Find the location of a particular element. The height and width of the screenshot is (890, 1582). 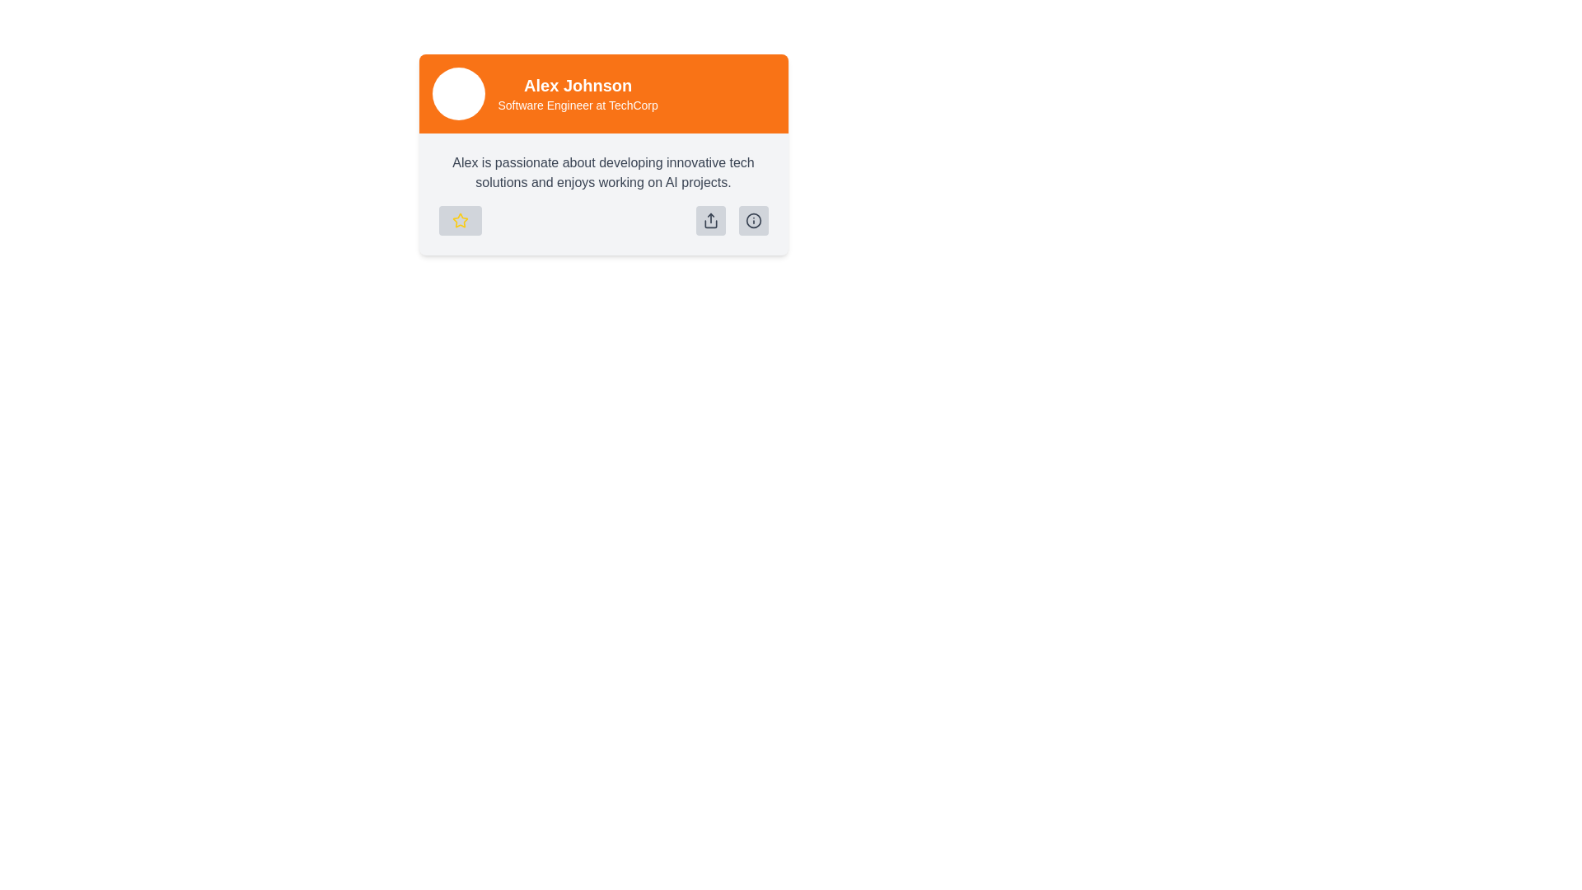

the star icon with a yellow stroke, located centrally within a grey rectangular button in the bottom-left corner of the user profile card is located at coordinates (460, 219).